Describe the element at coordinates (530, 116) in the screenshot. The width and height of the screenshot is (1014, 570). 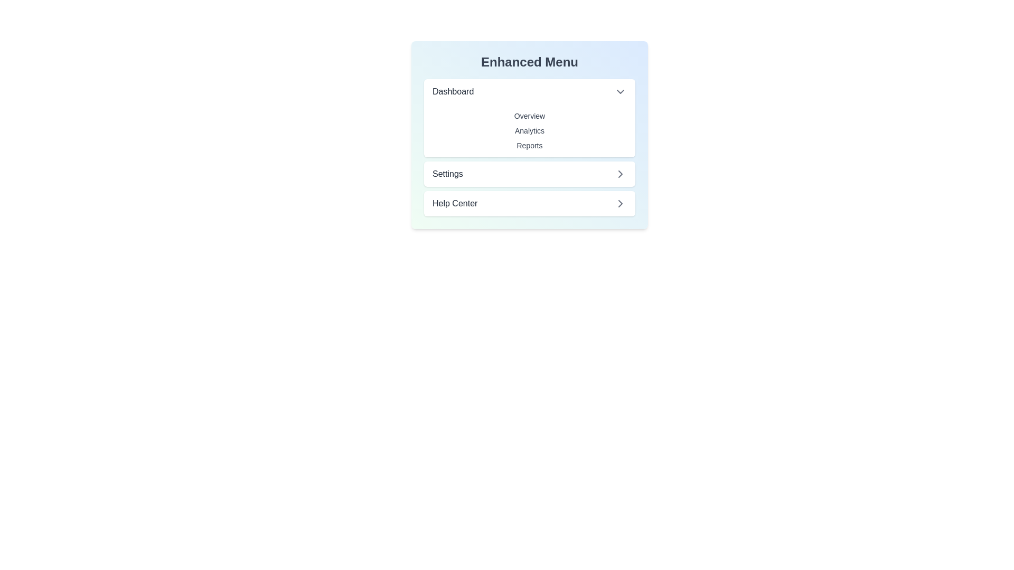
I see `the first Text label under the 'Dashboard' section` at that location.